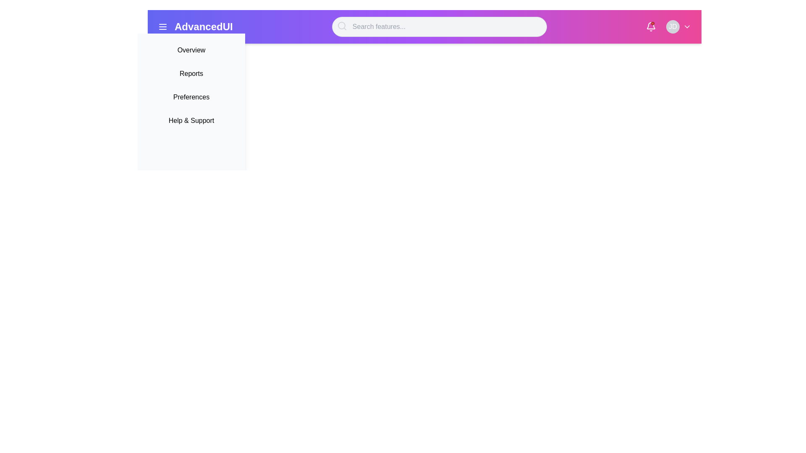 This screenshot has width=806, height=453. What do you see at coordinates (191, 121) in the screenshot?
I see `the 'Help & Support' text label which is the fourth item in the vertical menu list under 'AdvancedUI'` at bounding box center [191, 121].